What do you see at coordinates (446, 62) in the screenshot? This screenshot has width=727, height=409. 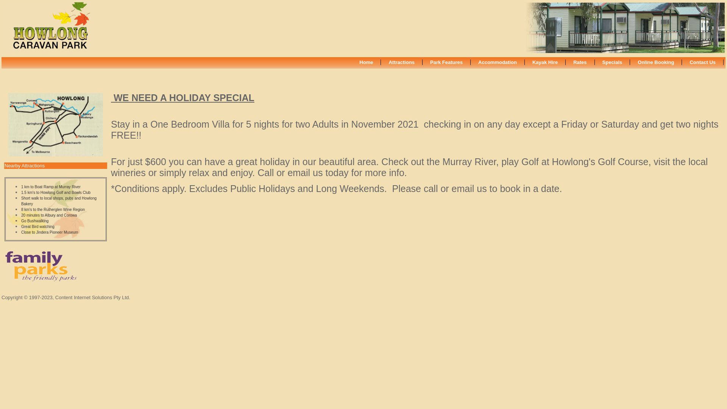 I see `'Park Features'` at bounding box center [446, 62].